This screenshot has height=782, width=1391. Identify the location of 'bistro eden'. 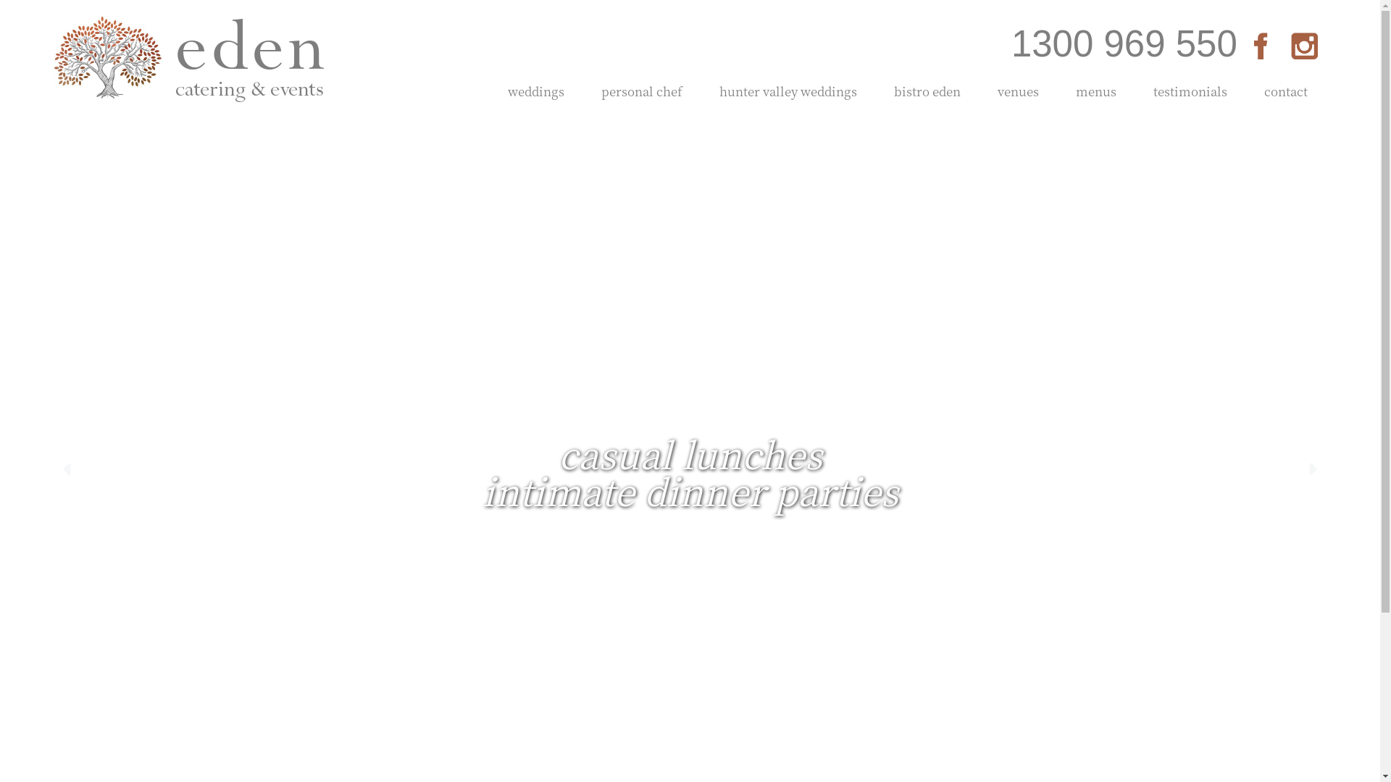
(927, 91).